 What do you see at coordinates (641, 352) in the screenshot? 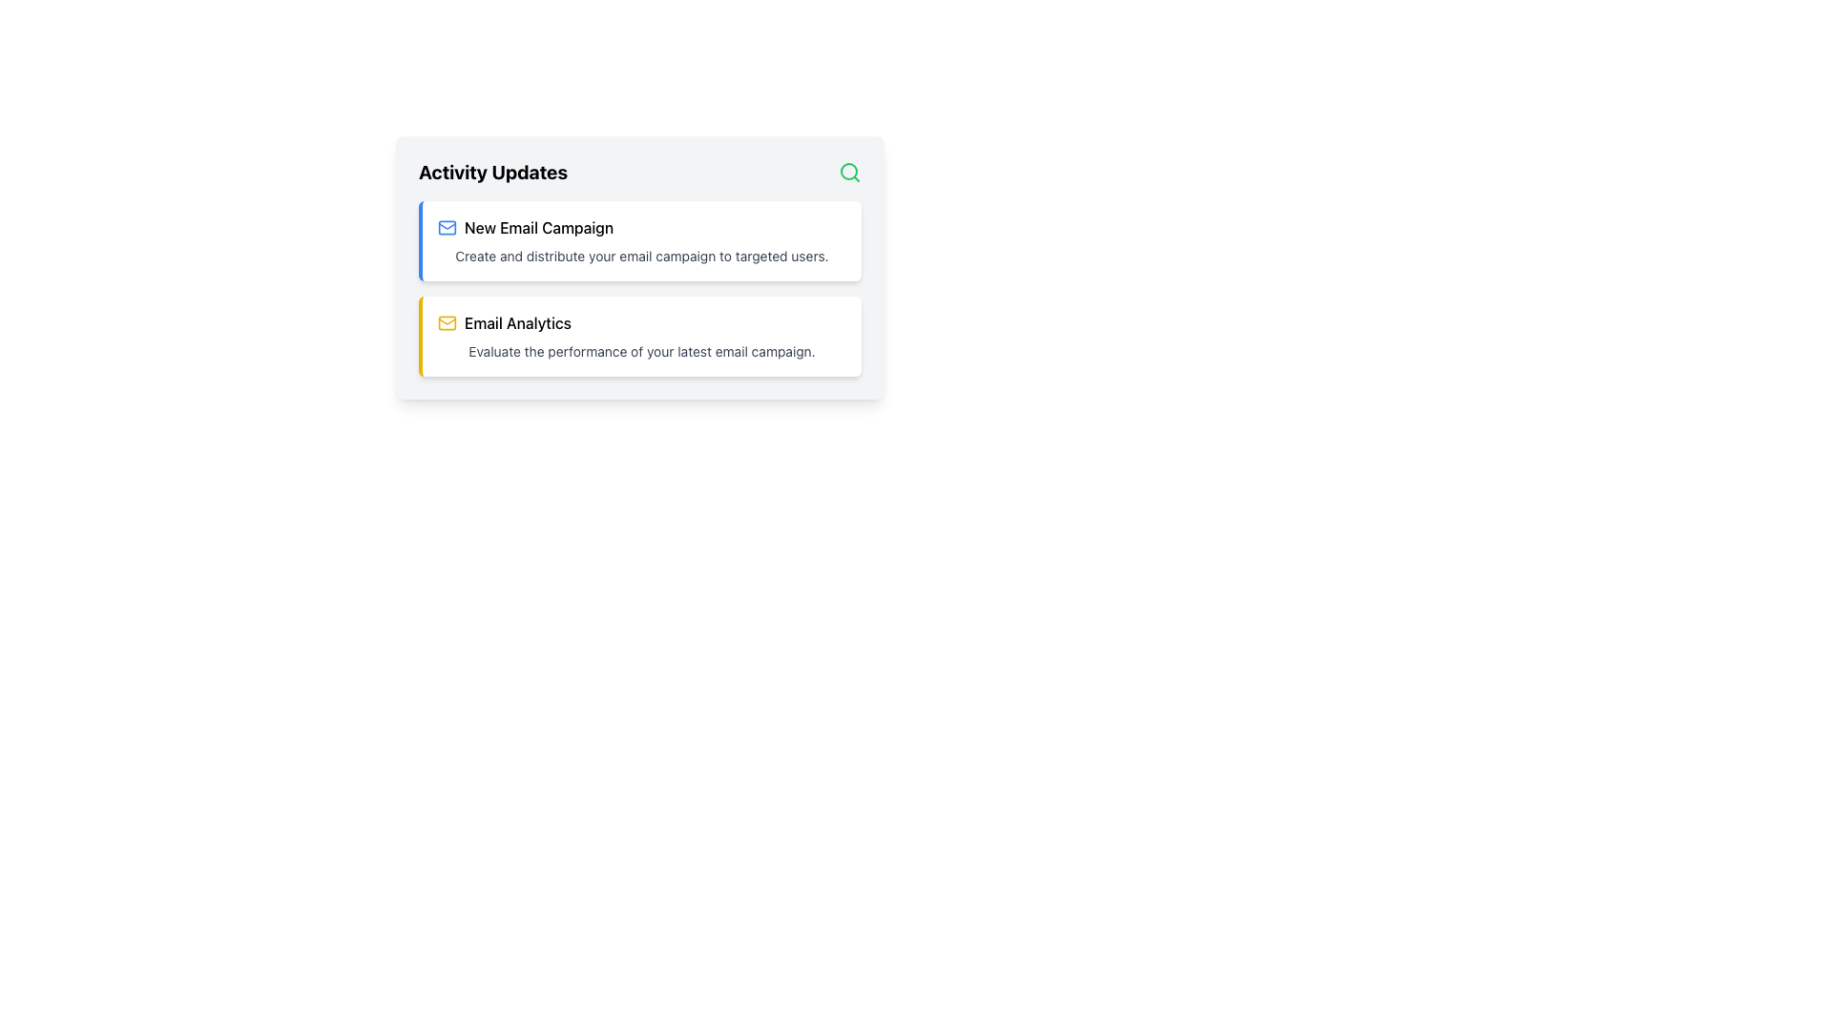
I see `the Text Label displaying 'Evaluate the performance of your latest email campaign.' which is located below 'Email Analytics' within a highlighted card` at bounding box center [641, 352].